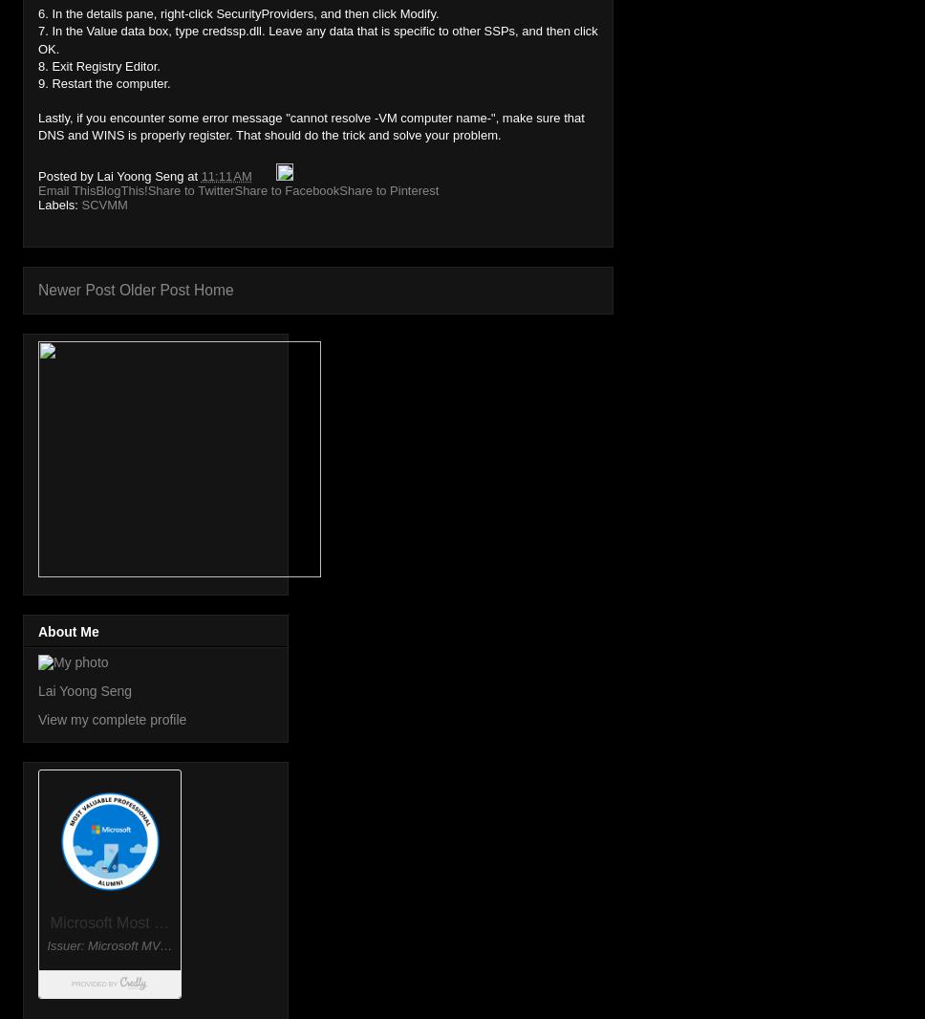 The height and width of the screenshot is (1019, 925). What do you see at coordinates (98, 64) in the screenshot?
I see `'8. Exit Registry Editor.'` at bounding box center [98, 64].